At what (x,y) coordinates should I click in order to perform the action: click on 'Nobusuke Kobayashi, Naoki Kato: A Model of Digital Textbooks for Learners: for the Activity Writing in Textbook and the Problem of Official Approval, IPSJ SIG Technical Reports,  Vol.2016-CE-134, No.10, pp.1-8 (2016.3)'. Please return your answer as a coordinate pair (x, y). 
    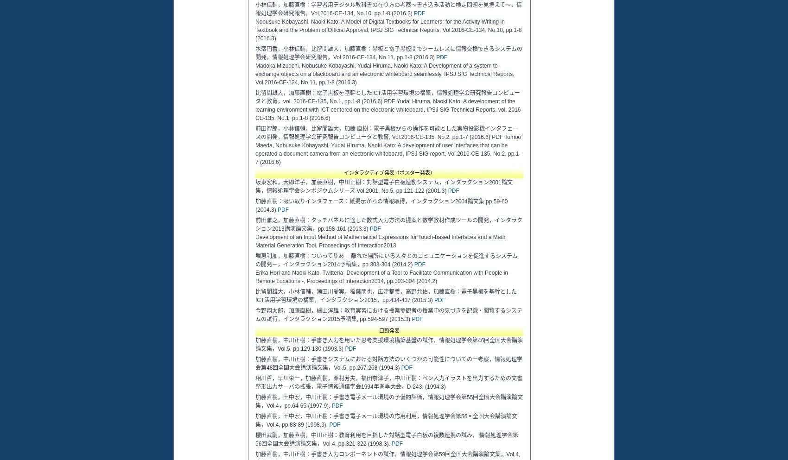
    Looking at the image, I should click on (388, 30).